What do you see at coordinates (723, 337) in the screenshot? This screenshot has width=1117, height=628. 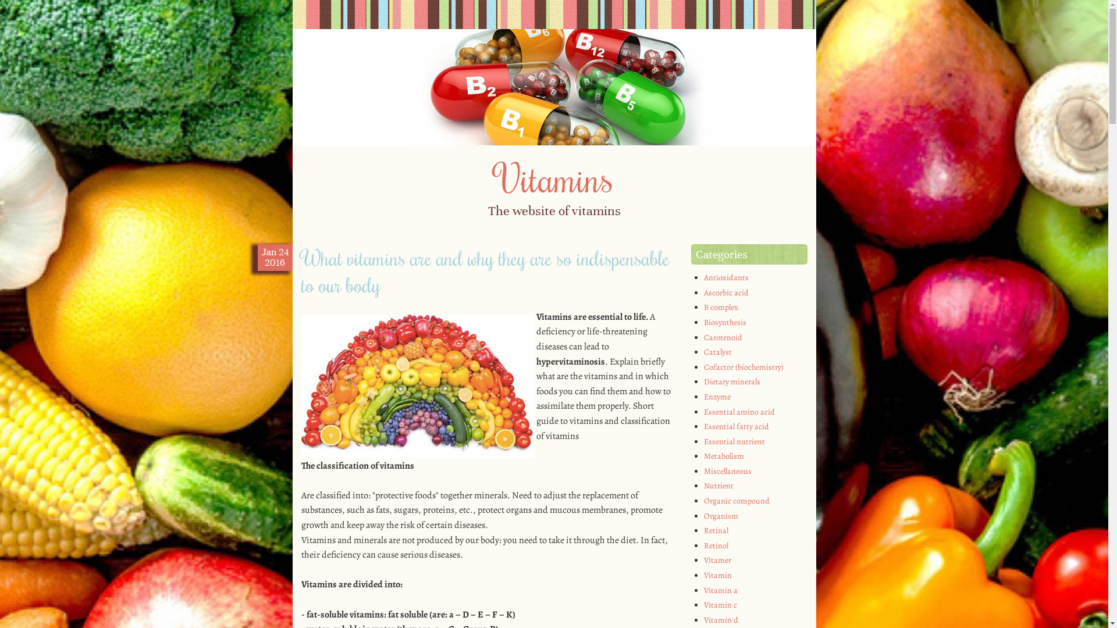 I see `'Carotenoid'` at bounding box center [723, 337].